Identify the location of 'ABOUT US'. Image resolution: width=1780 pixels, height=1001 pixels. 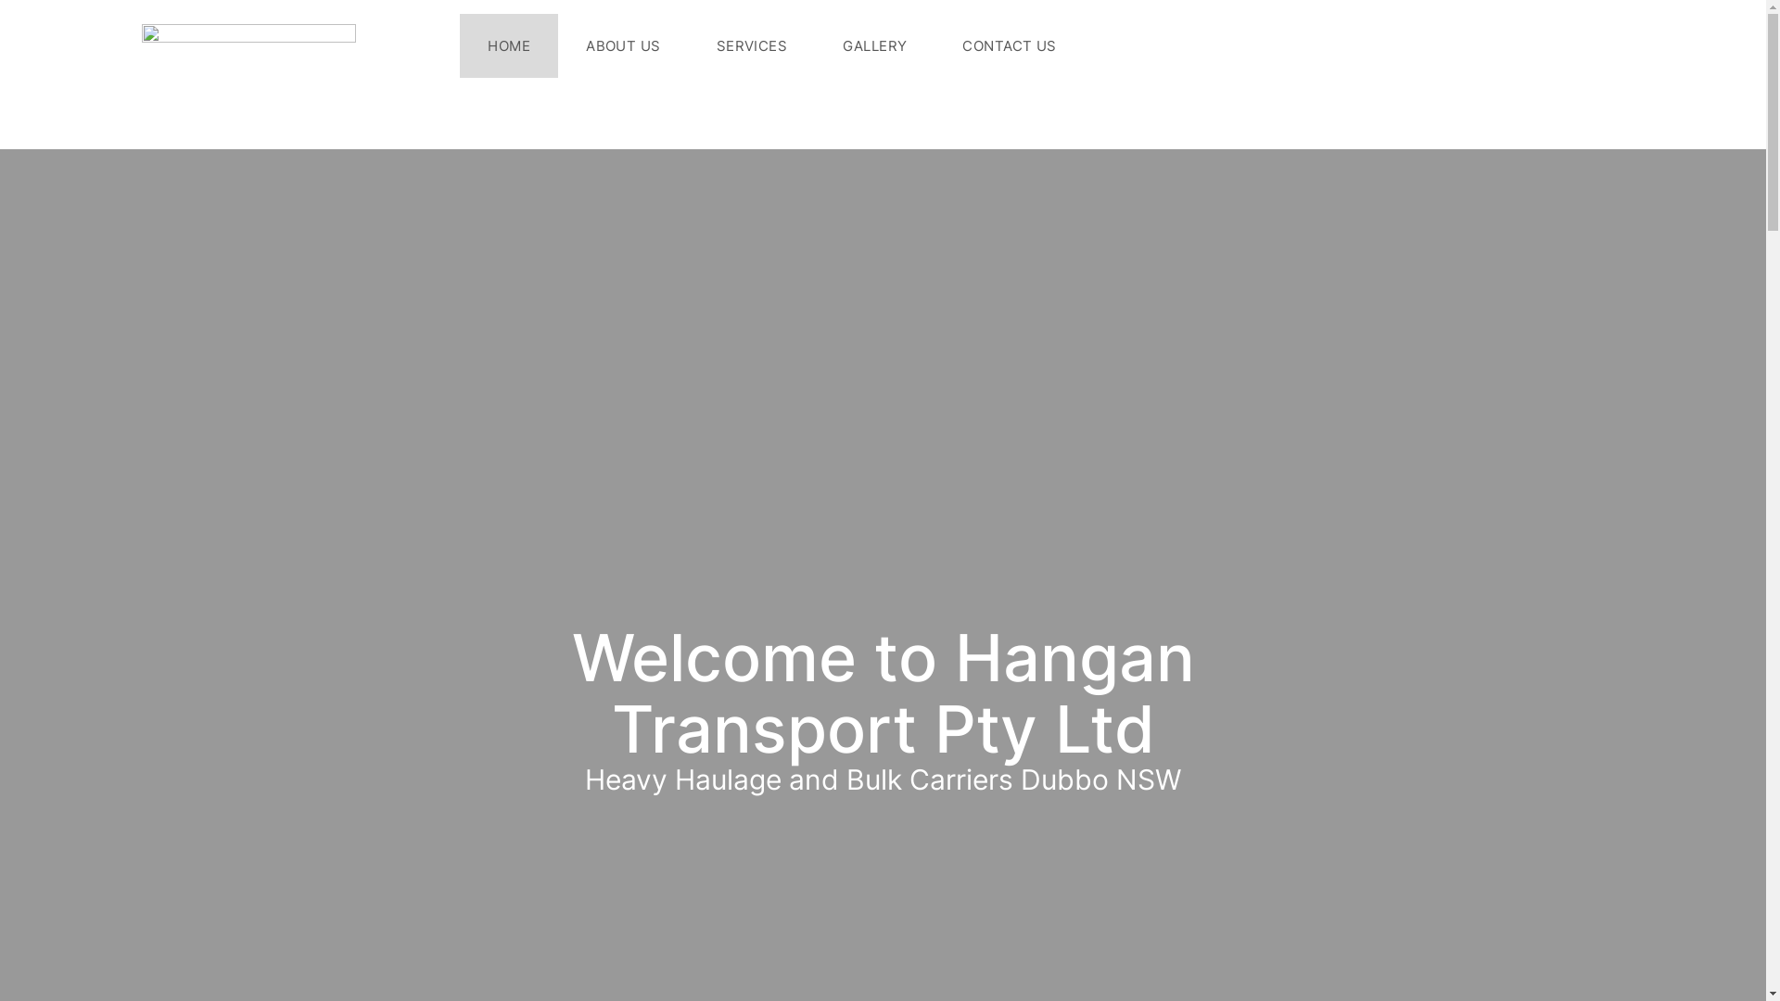
(556, 44).